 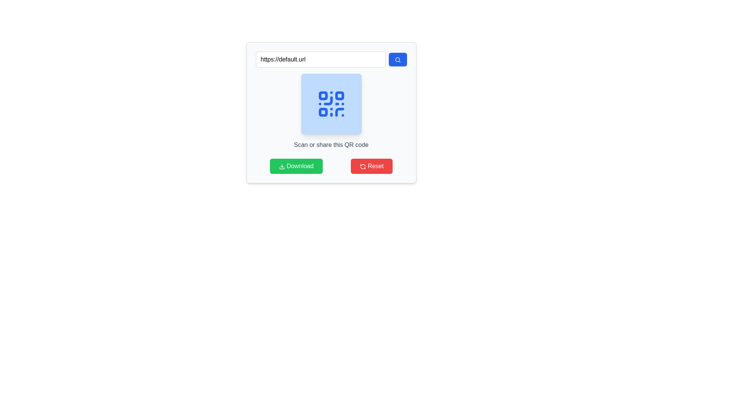 I want to click on the second decorative square in the upper right corner of the QR code, which enhances its scannable design, so click(x=339, y=95).